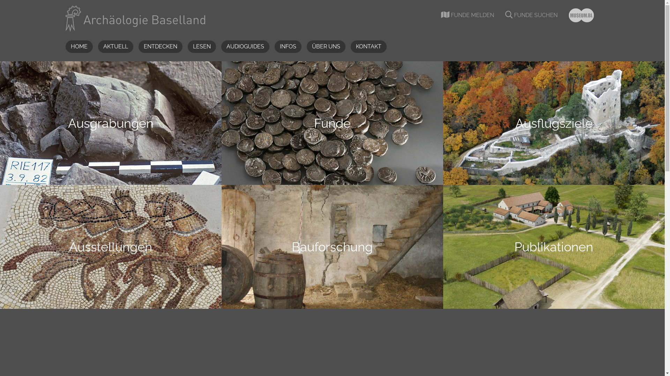  What do you see at coordinates (332, 246) in the screenshot?
I see `'Bauforschung'` at bounding box center [332, 246].